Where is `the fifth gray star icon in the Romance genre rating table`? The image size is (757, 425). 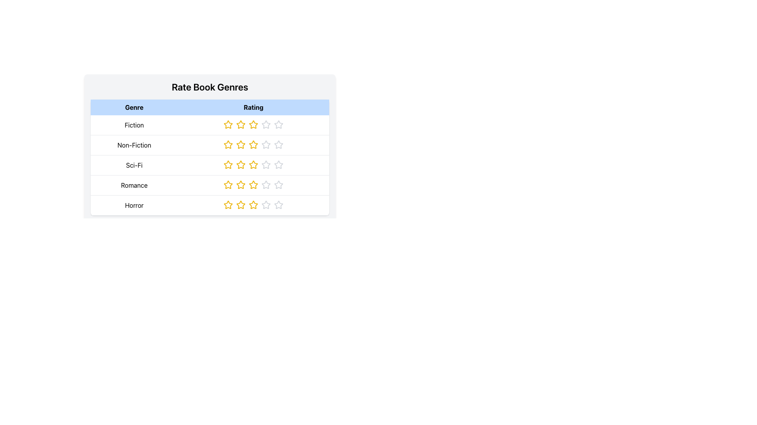 the fifth gray star icon in the Romance genre rating table is located at coordinates (279, 185).